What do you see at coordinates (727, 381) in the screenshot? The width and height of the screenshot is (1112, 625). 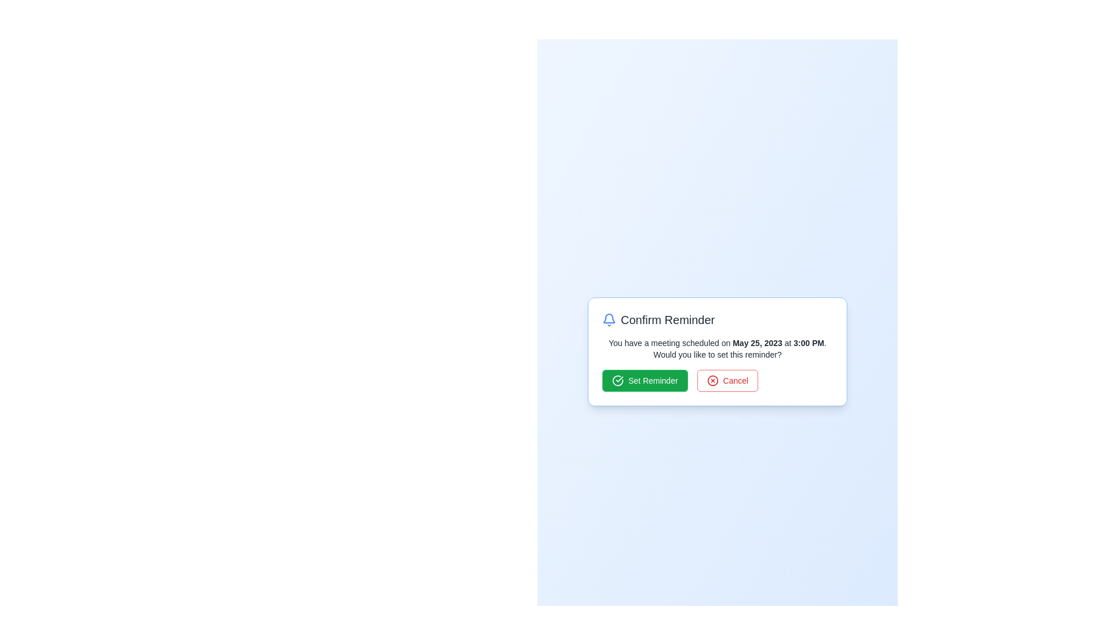 I see `the 'Cancel' button, which has a red border and a red circular icon with a cross on the left side, located below the message content in the confirmation dialog box` at bounding box center [727, 381].